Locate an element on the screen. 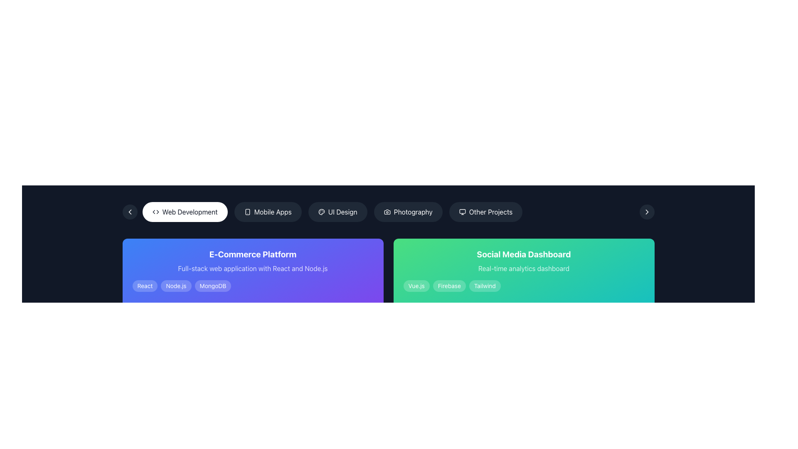 The width and height of the screenshot is (798, 449). the first badge labeled 'React' which indicates a technology stack associated with the 'E-Commerce Platform' is located at coordinates (145, 285).